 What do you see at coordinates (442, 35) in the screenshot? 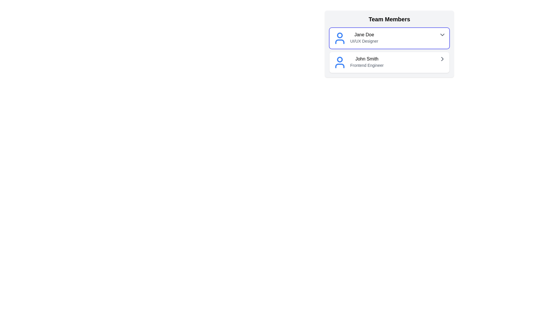
I see `the Chevron Down icon located at the upper-right of Jane Doe's card` at bounding box center [442, 35].